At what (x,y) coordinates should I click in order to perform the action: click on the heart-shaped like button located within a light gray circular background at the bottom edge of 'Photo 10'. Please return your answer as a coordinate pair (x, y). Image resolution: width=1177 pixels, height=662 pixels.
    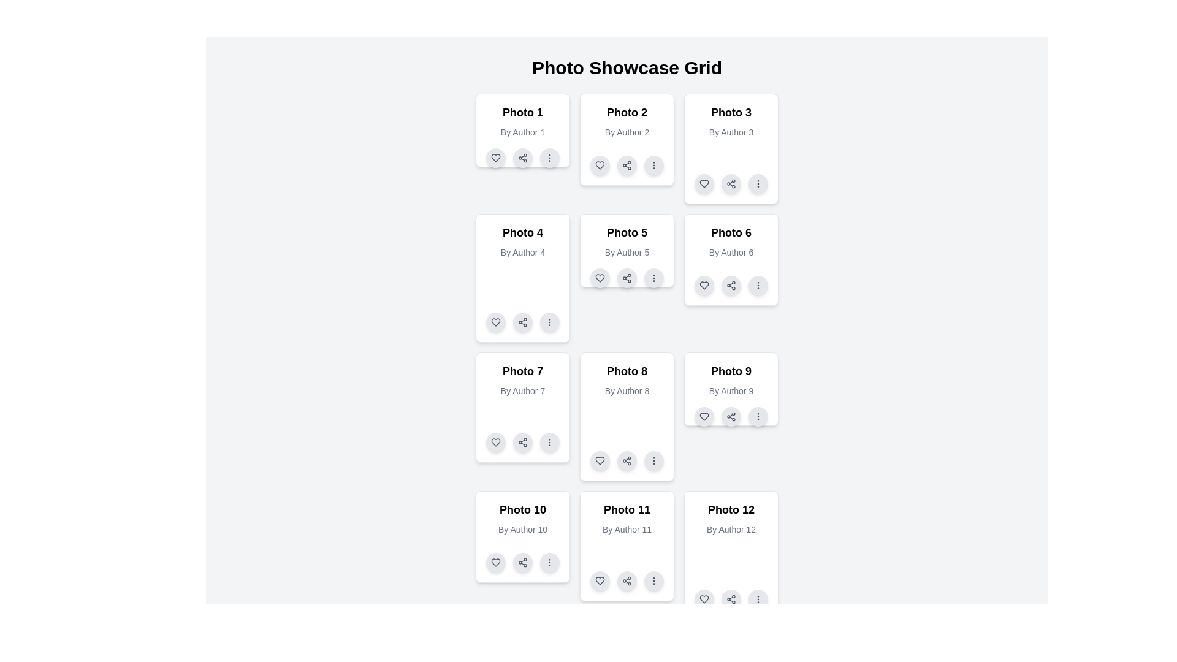
    Looking at the image, I should click on (496, 563).